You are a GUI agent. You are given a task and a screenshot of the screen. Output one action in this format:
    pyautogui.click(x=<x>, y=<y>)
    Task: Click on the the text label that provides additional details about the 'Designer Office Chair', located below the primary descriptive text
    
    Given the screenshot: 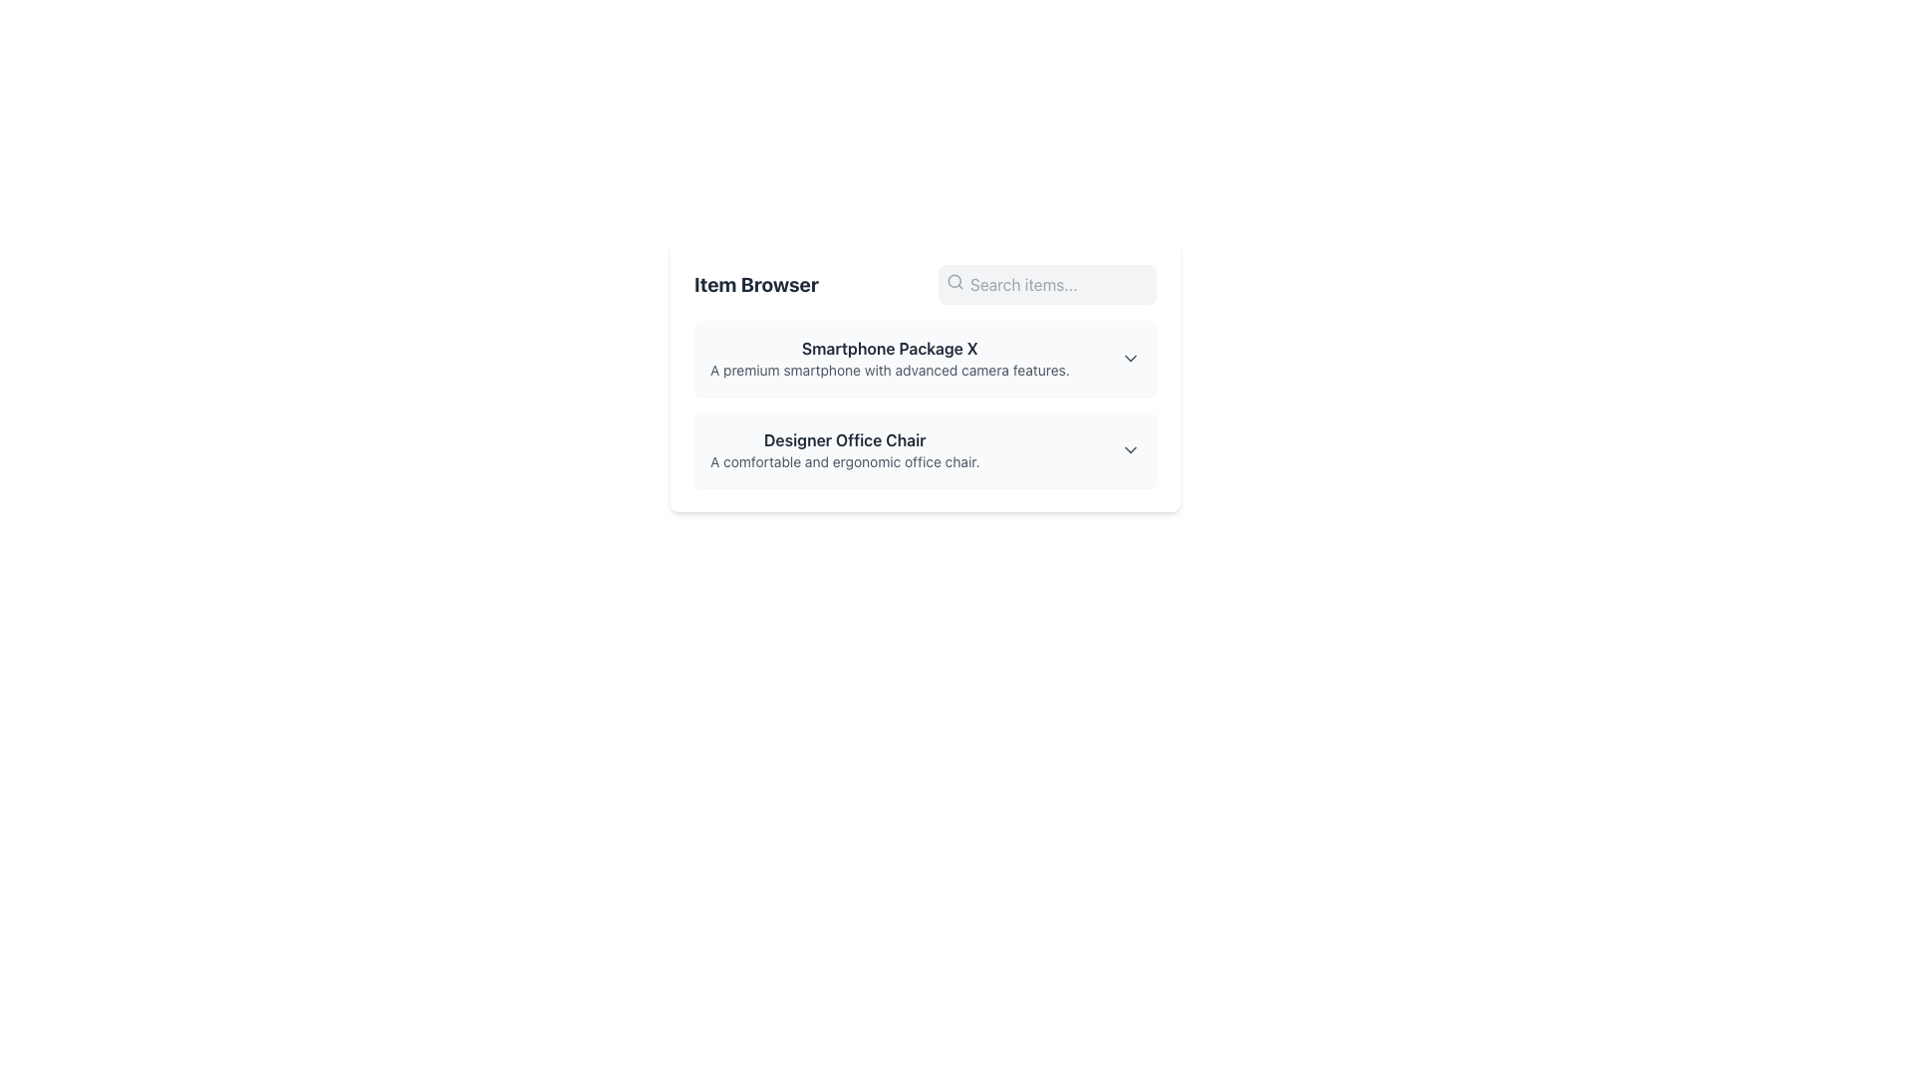 What is the action you would take?
    pyautogui.click(x=845, y=461)
    